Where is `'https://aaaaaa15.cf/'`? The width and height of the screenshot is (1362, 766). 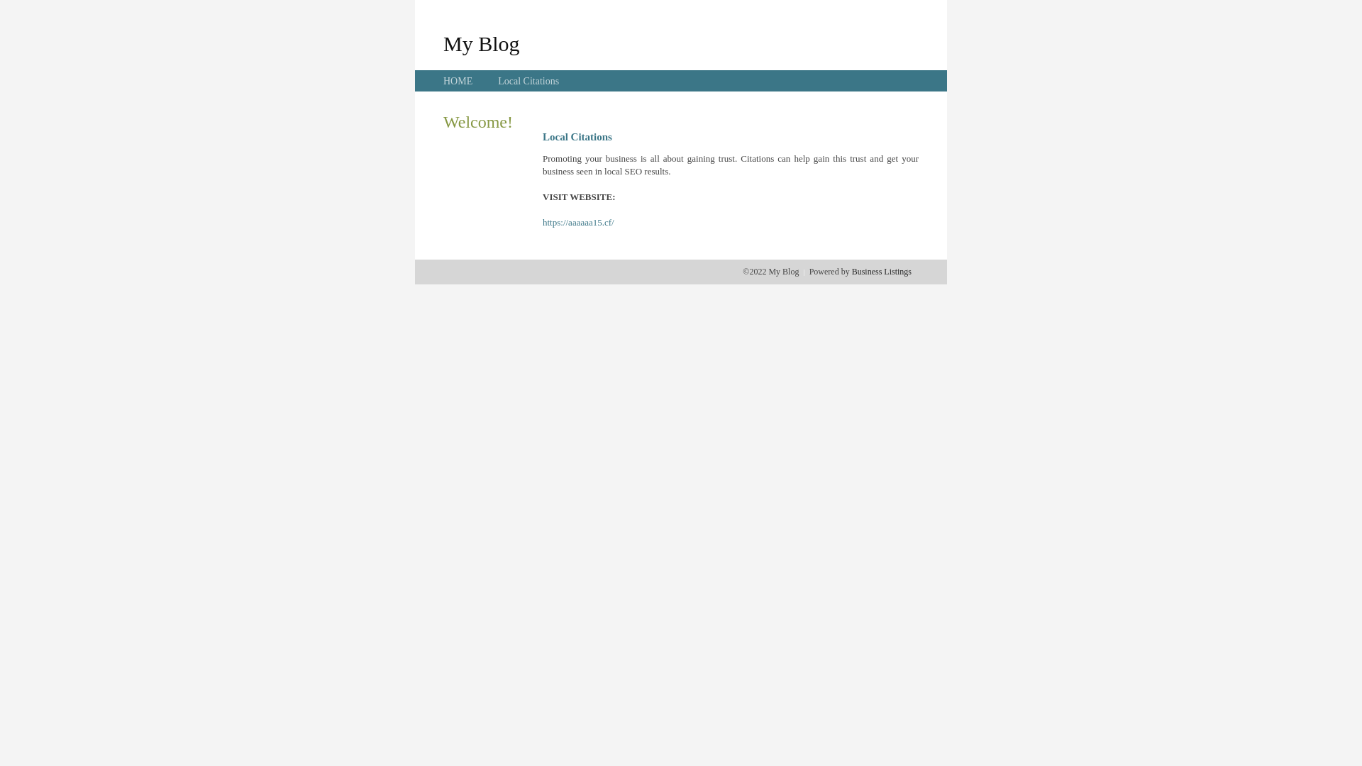 'https://aaaaaa15.cf/' is located at coordinates (578, 222).